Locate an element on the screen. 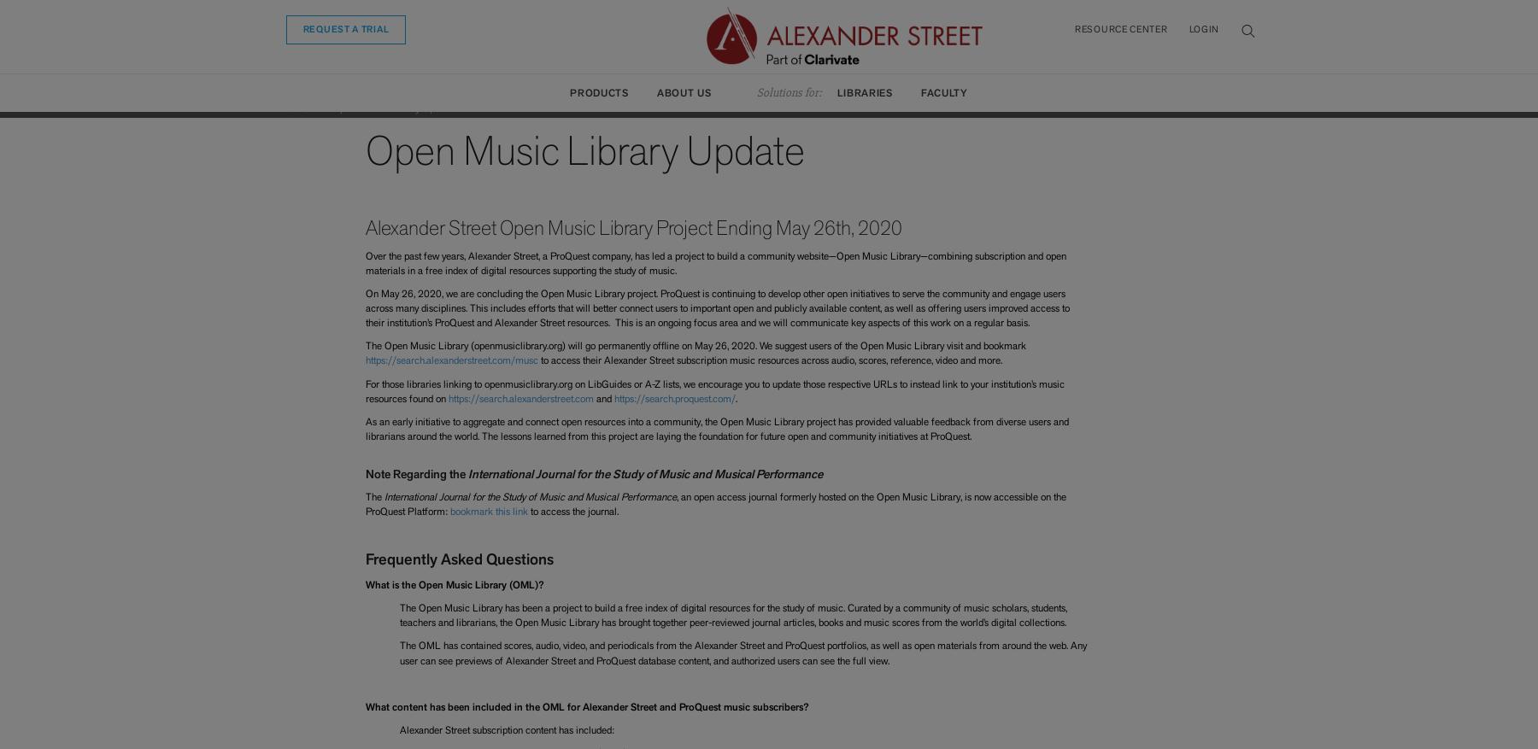  'Alexander Street subscription content has included:' is located at coordinates (397, 729).